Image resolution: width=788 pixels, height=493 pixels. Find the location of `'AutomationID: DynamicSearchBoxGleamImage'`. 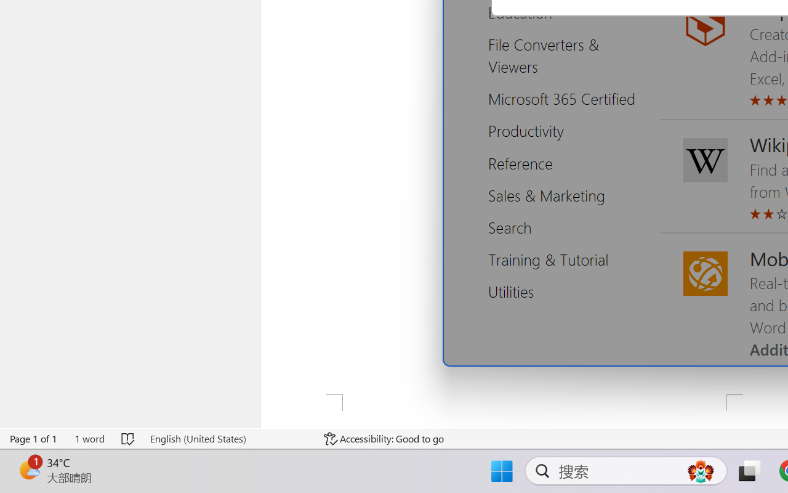

'AutomationID: DynamicSearchBoxGleamImage' is located at coordinates (701, 471).